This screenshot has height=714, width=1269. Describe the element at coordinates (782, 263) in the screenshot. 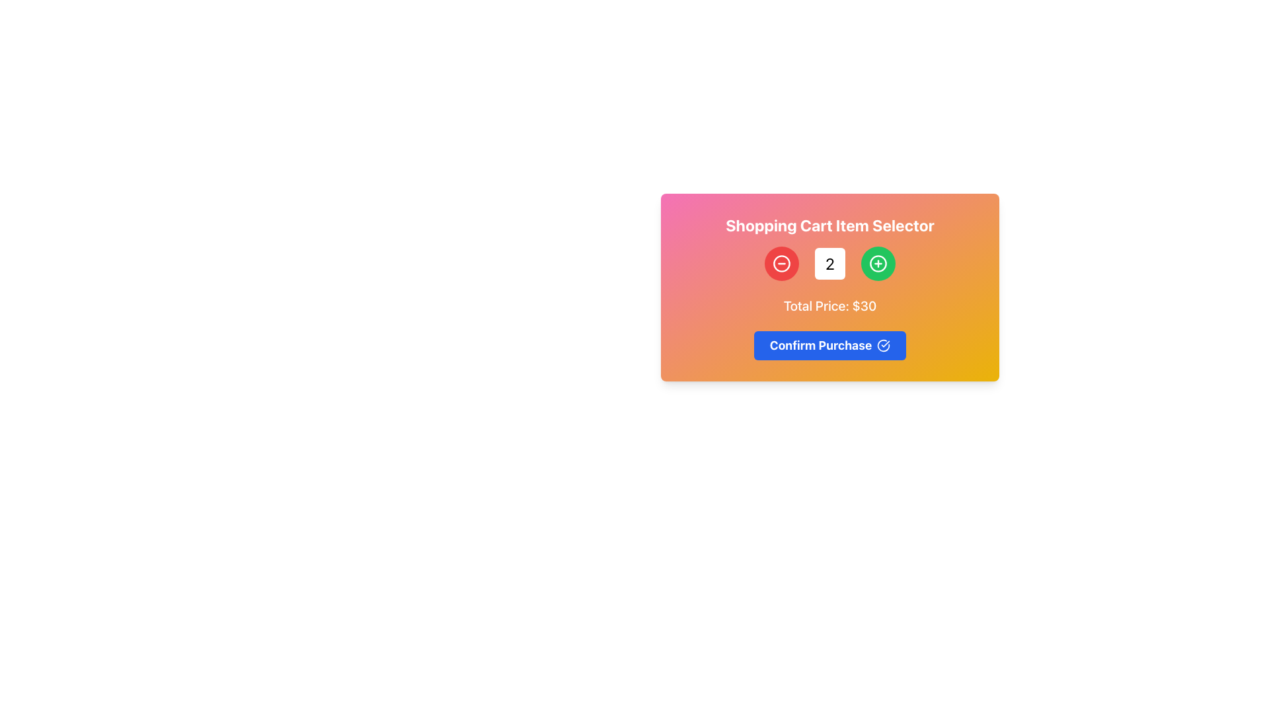

I see `the button located in the left section of the gradient-colored interface to decrease the quantity of an item in the shopping cart` at that location.